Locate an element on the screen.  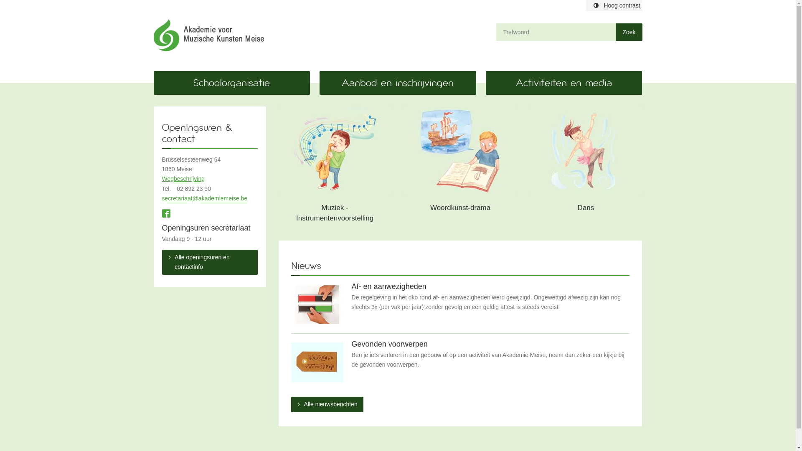
'trefwoord' is located at coordinates (556, 32).